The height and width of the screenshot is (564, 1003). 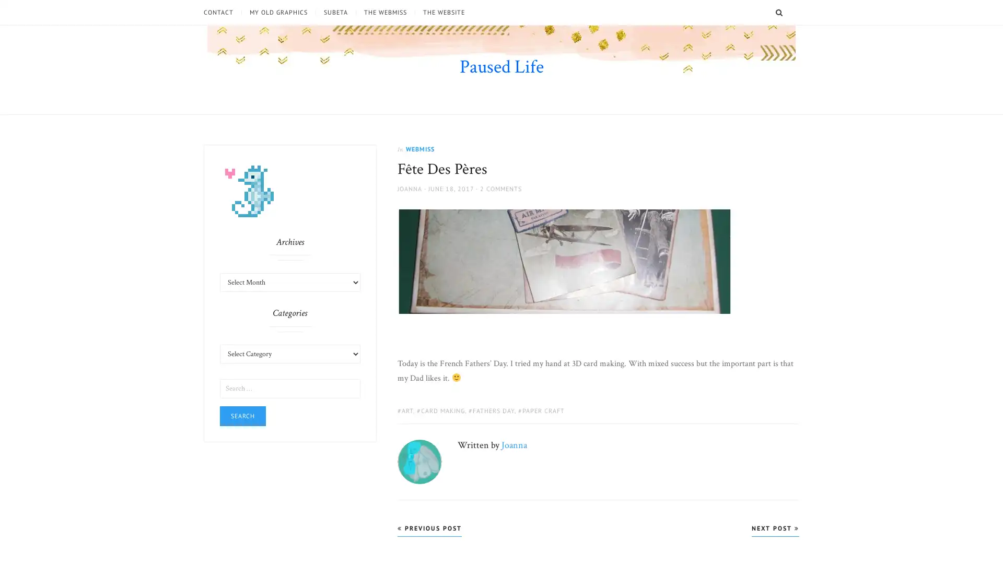 What do you see at coordinates (792, 12) in the screenshot?
I see `SEARCH` at bounding box center [792, 12].